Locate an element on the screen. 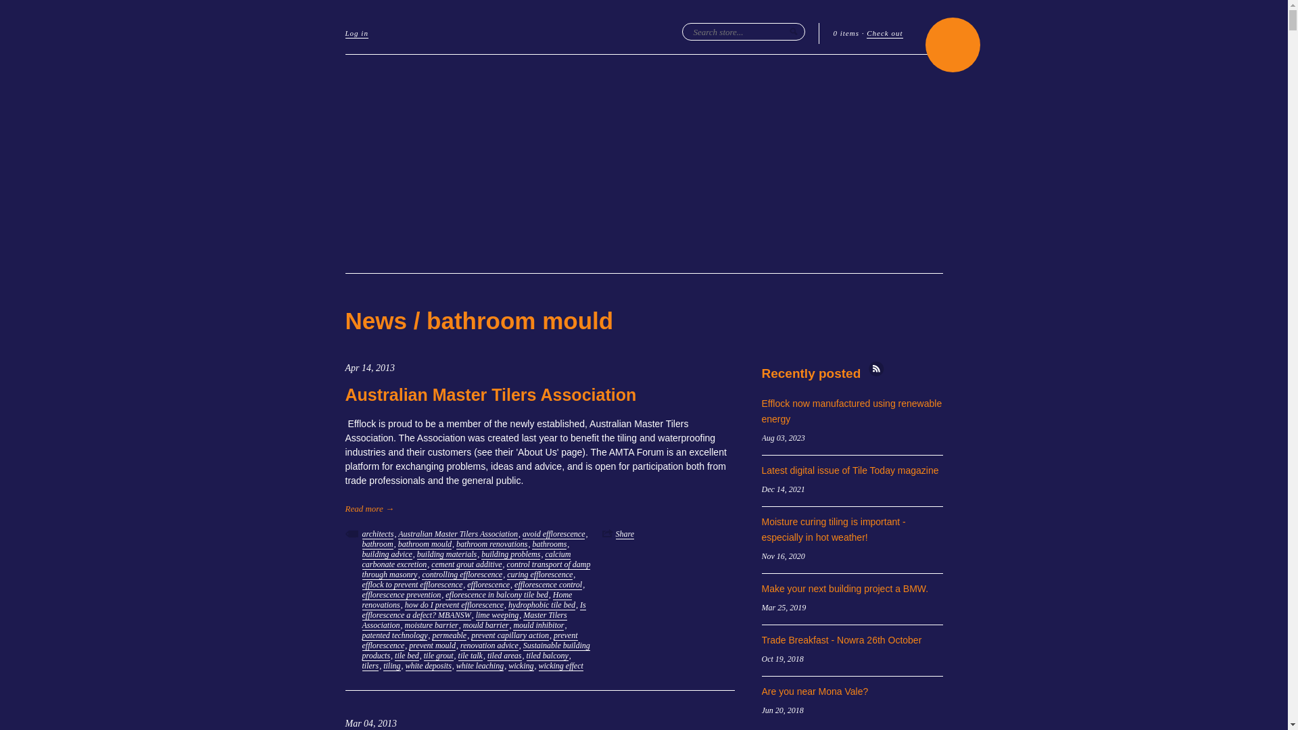 The height and width of the screenshot is (730, 1298). 'Trade Breakfast - Nowra 26th October' is located at coordinates (840, 639).